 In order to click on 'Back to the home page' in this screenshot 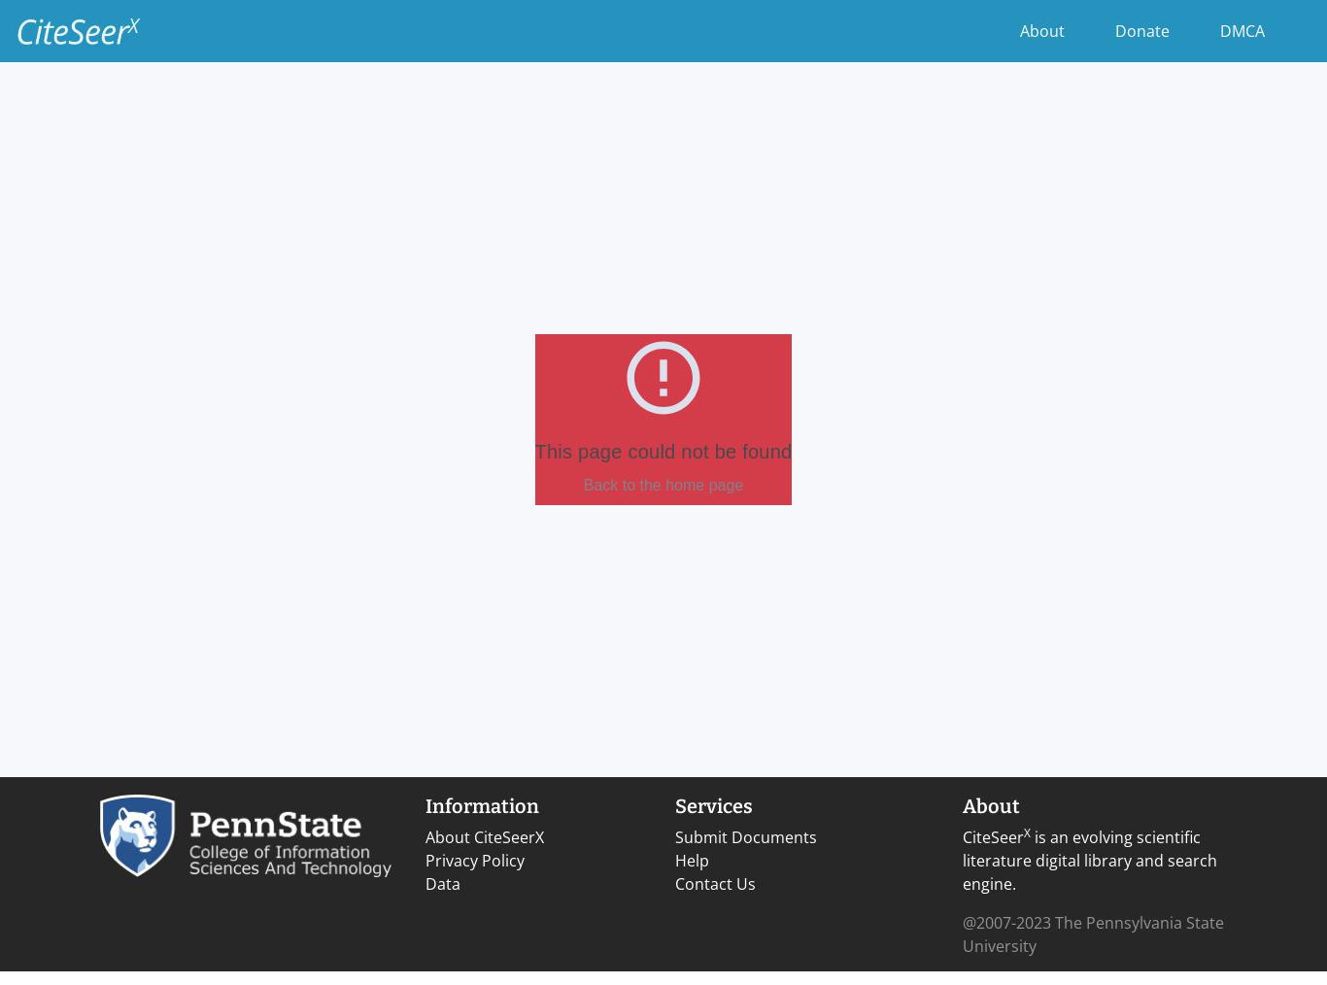, I will do `click(662, 485)`.